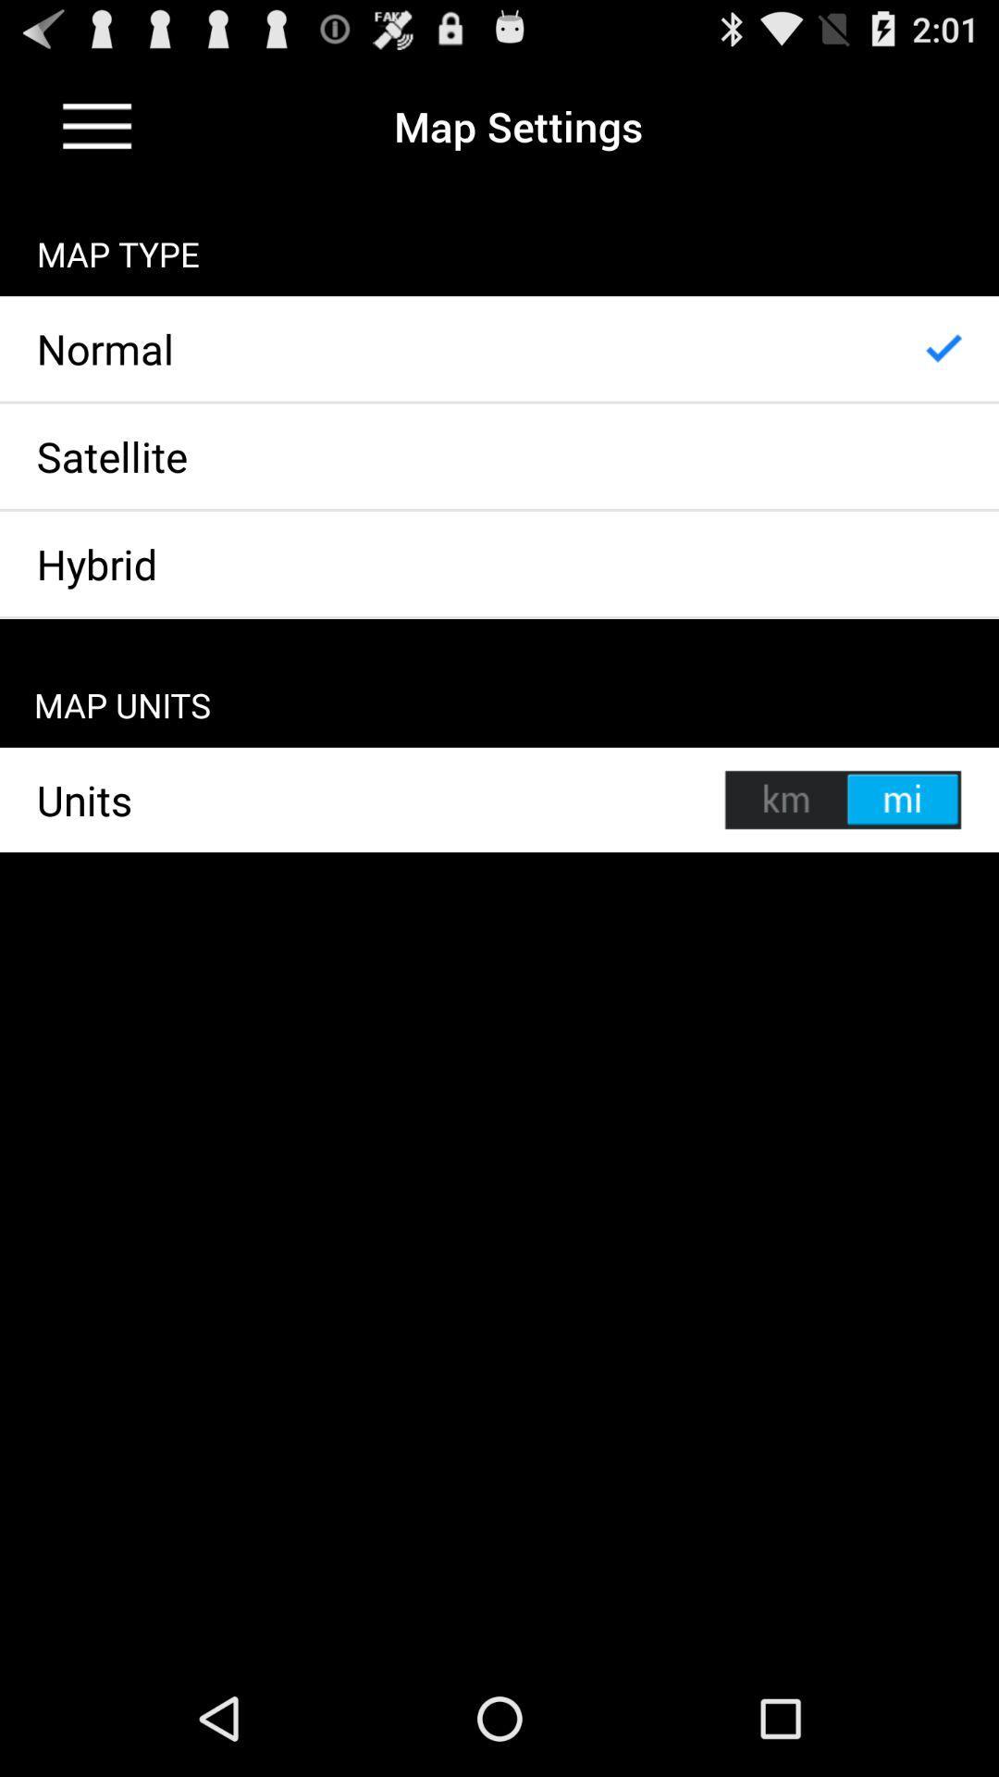 This screenshot has width=999, height=1777. Describe the element at coordinates (97, 125) in the screenshot. I see `dropdown menu` at that location.